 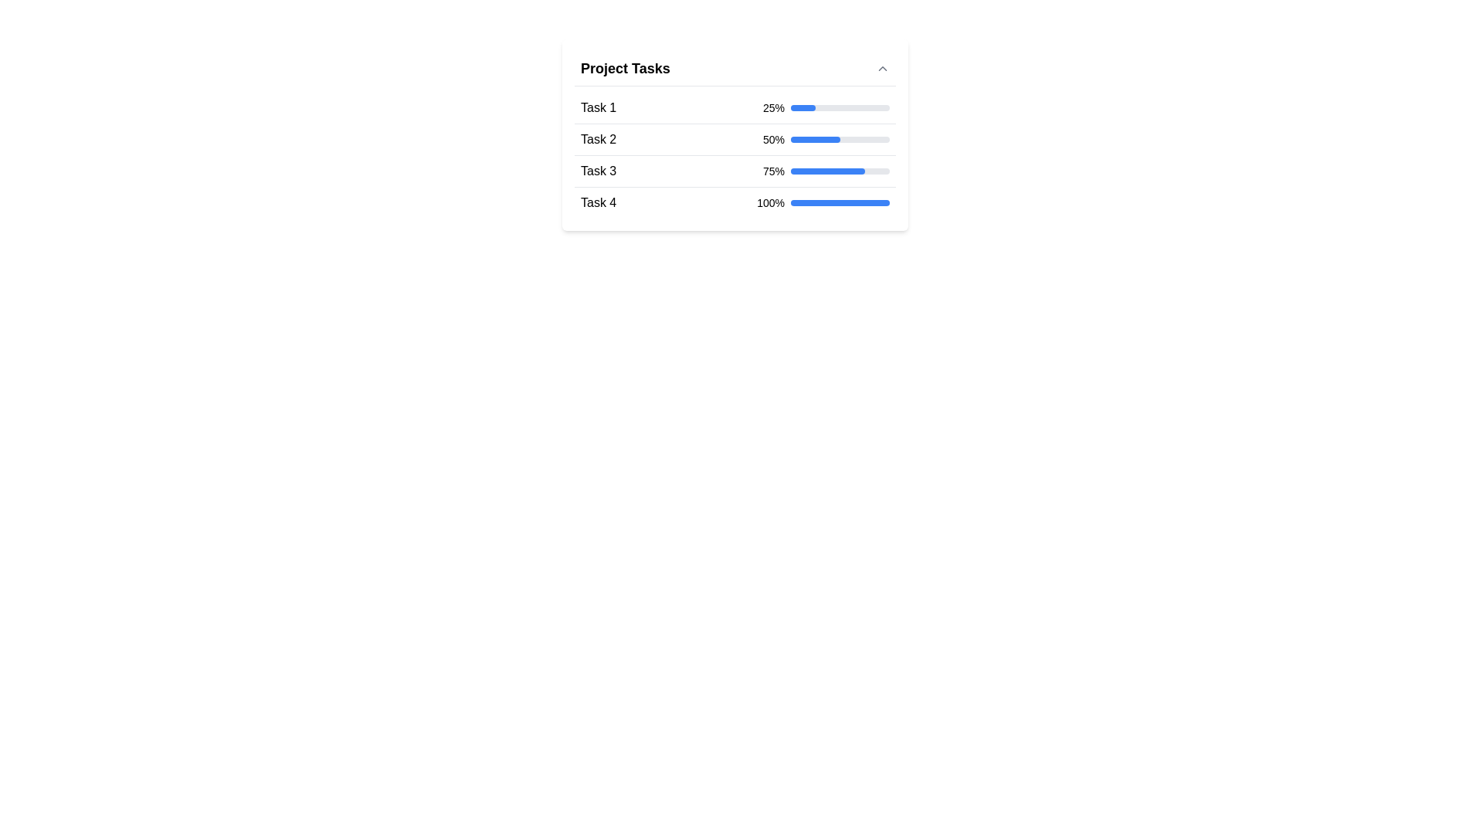 I want to click on the progress value displayed on the progress bar for 'Task 2', which indicates 50% completion, so click(x=826, y=140).